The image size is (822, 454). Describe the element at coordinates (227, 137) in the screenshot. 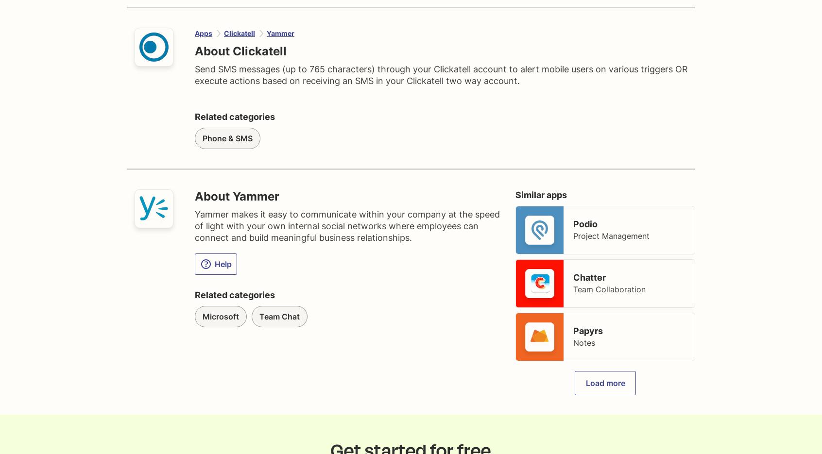

I see `'Phone & SMS'` at that location.